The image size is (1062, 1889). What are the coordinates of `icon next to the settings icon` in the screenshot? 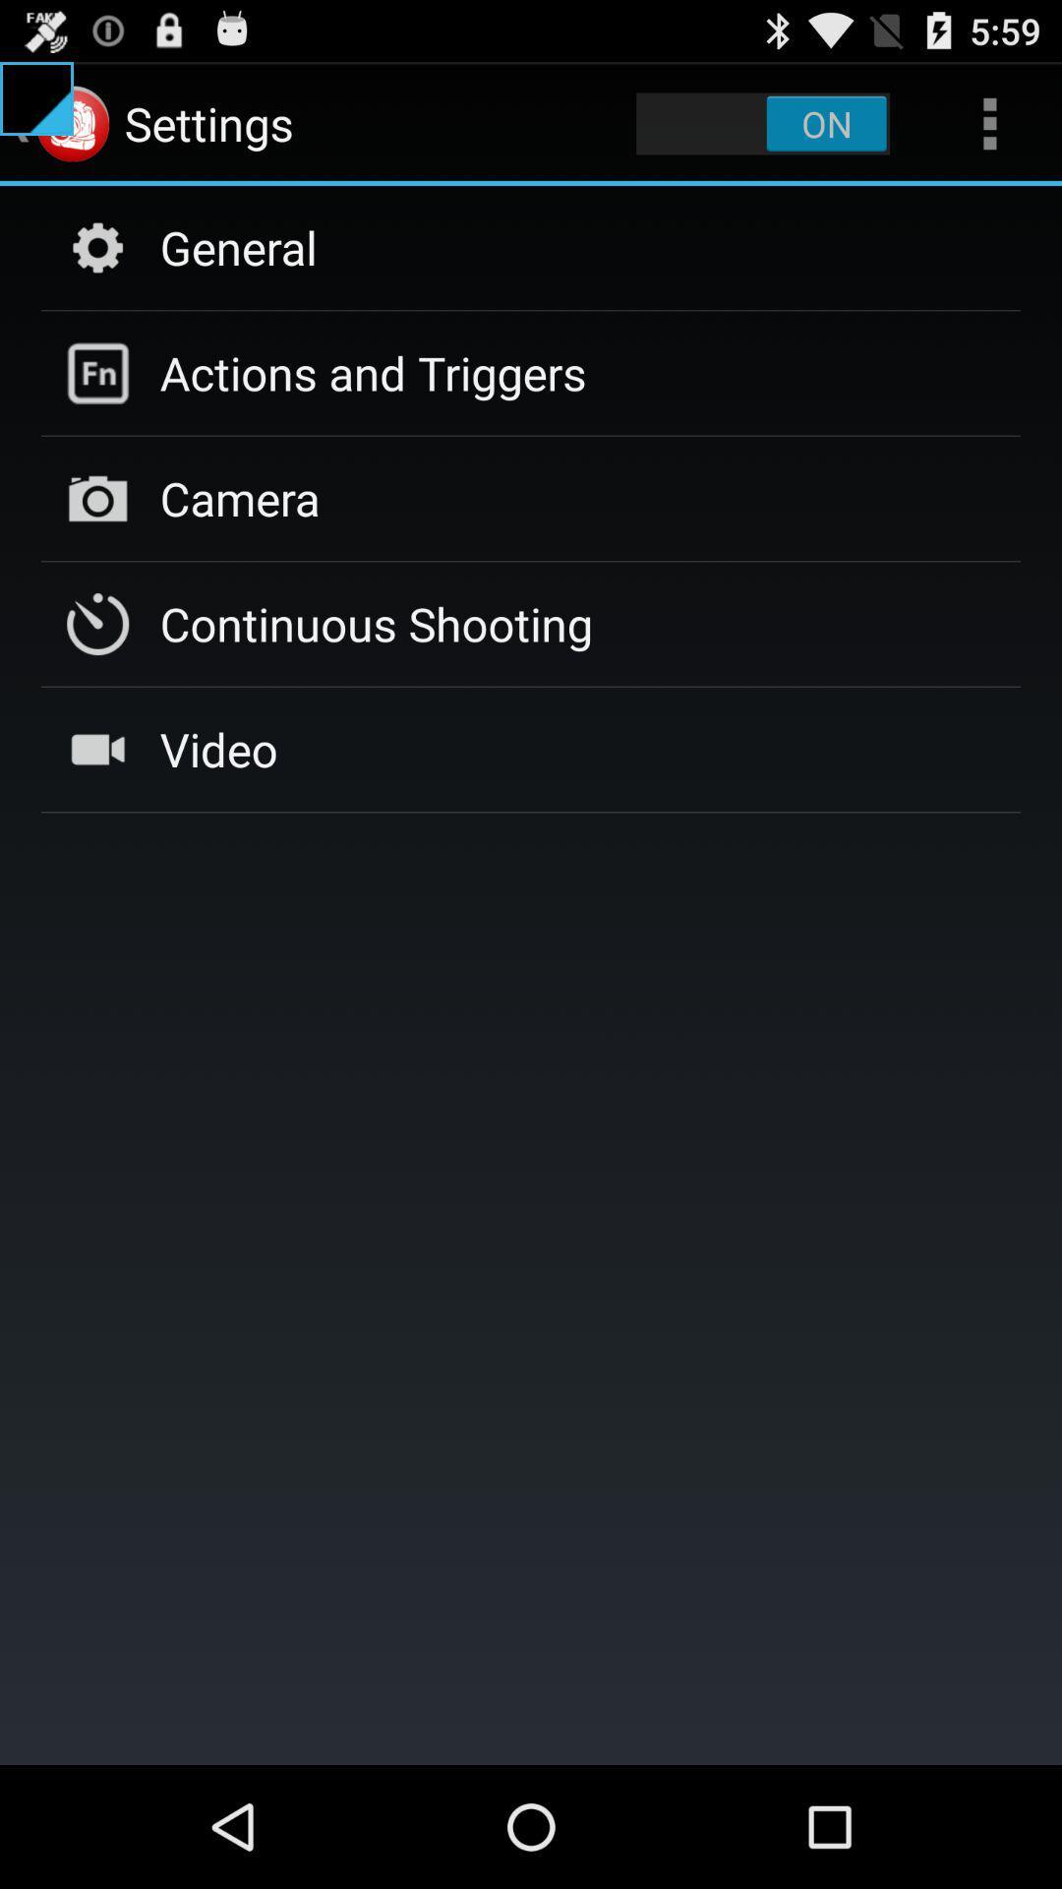 It's located at (762, 122).